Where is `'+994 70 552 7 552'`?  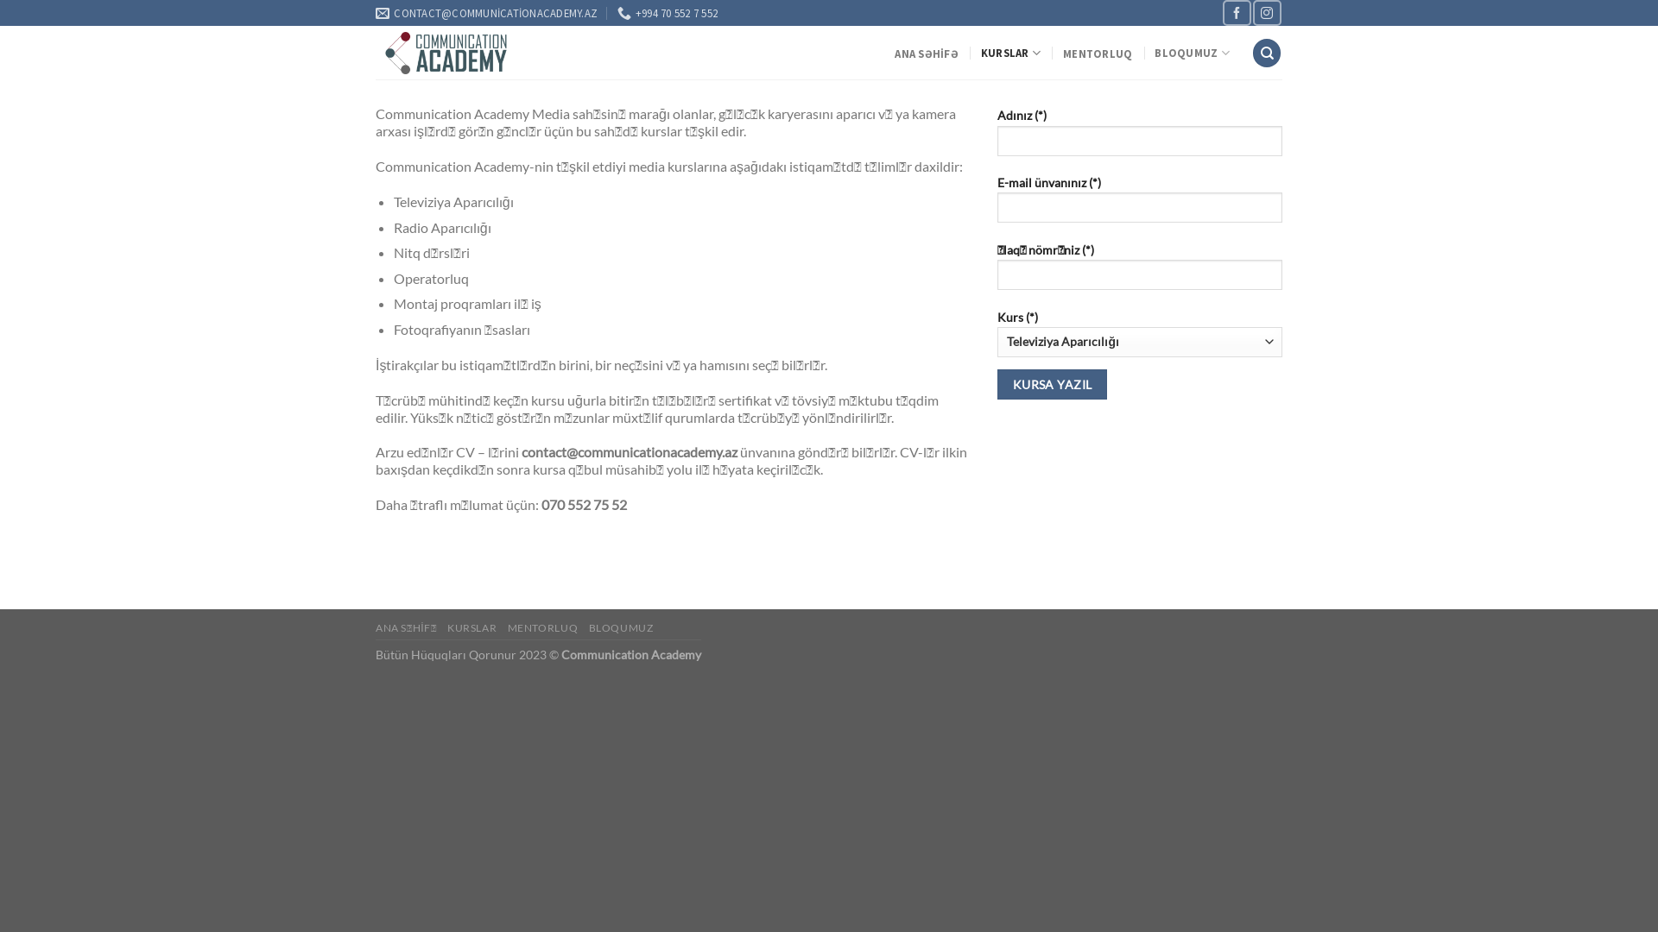 '+994 70 552 7 552' is located at coordinates (617, 13).